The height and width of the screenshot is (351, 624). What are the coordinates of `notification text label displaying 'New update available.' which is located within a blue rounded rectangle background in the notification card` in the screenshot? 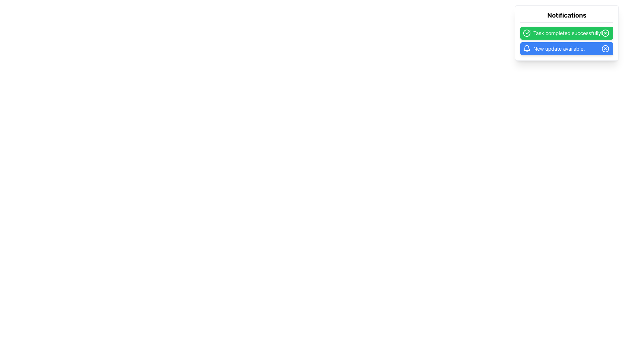 It's located at (559, 48).